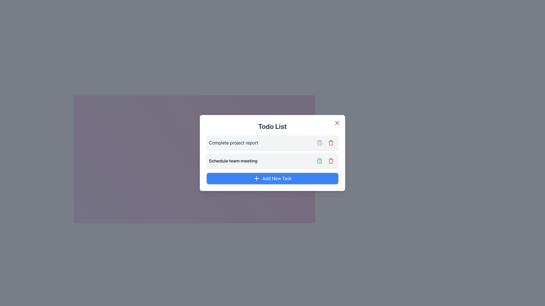 The width and height of the screenshot is (545, 306). Describe the element at coordinates (233, 161) in the screenshot. I see `the completed task text 'Schedule team meeting' in the 'Todo List' interface, which is styled with a strikethrough and is the second task listed` at that location.